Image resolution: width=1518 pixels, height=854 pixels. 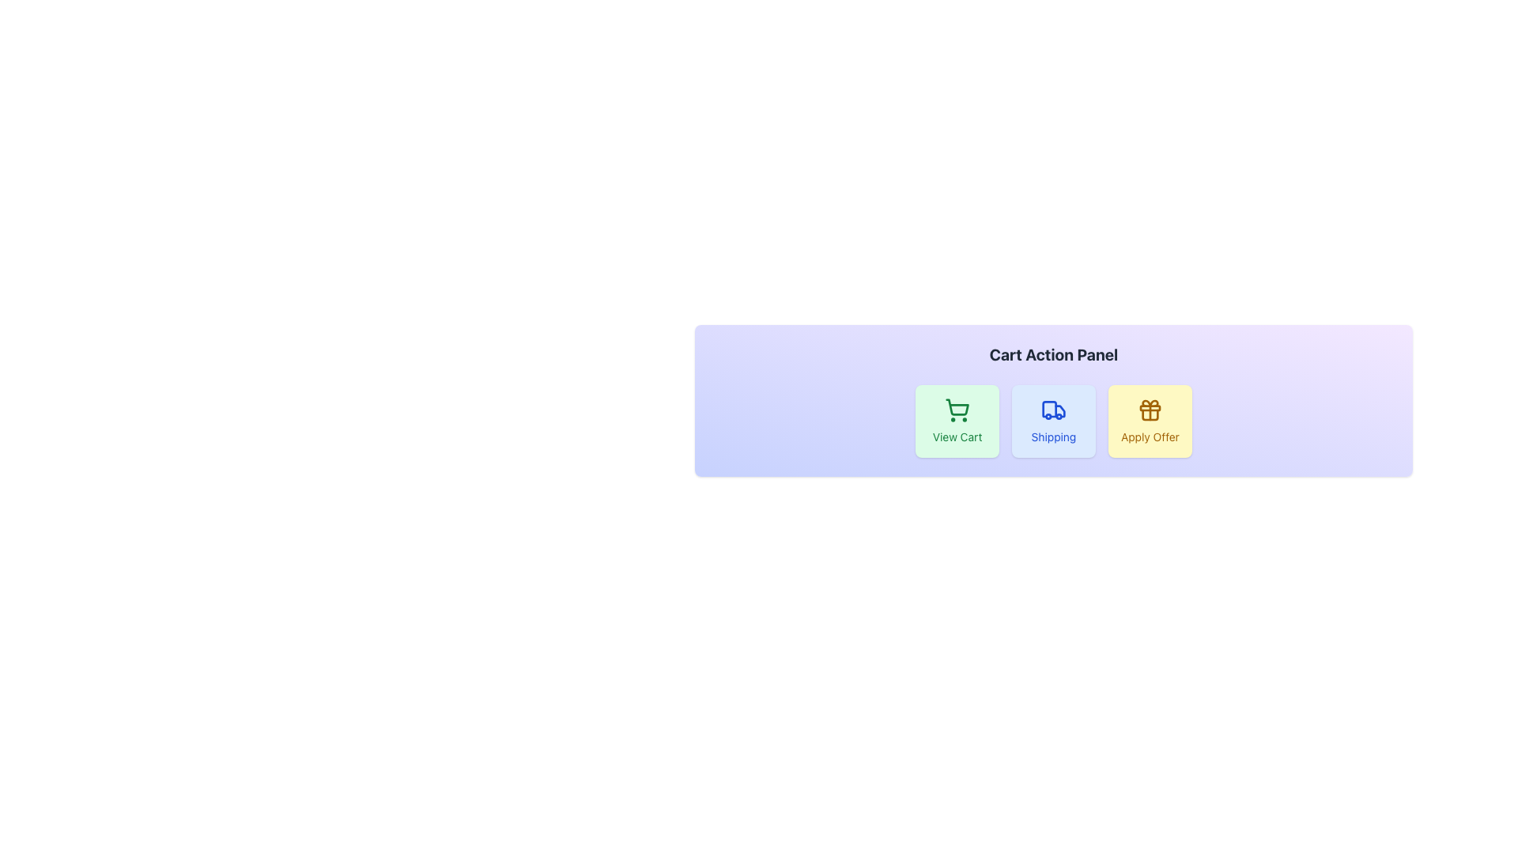 I want to click on the 'Shipping' button in the Cart Action Panel, so click(x=1054, y=420).